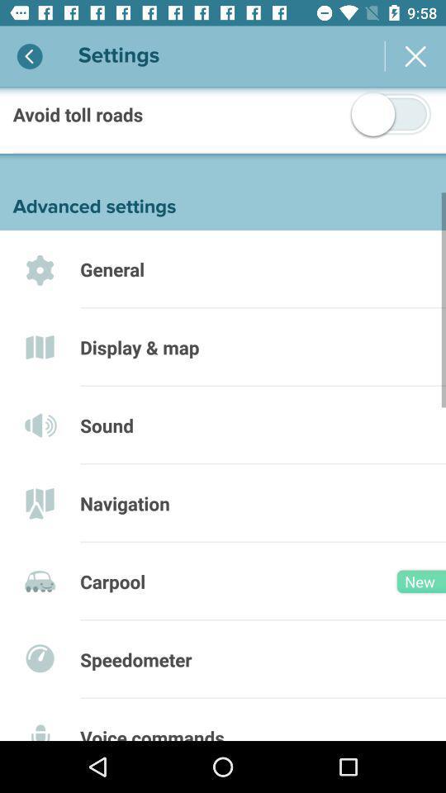  What do you see at coordinates (40, 591) in the screenshot?
I see `tag the icon left to carpool` at bounding box center [40, 591].